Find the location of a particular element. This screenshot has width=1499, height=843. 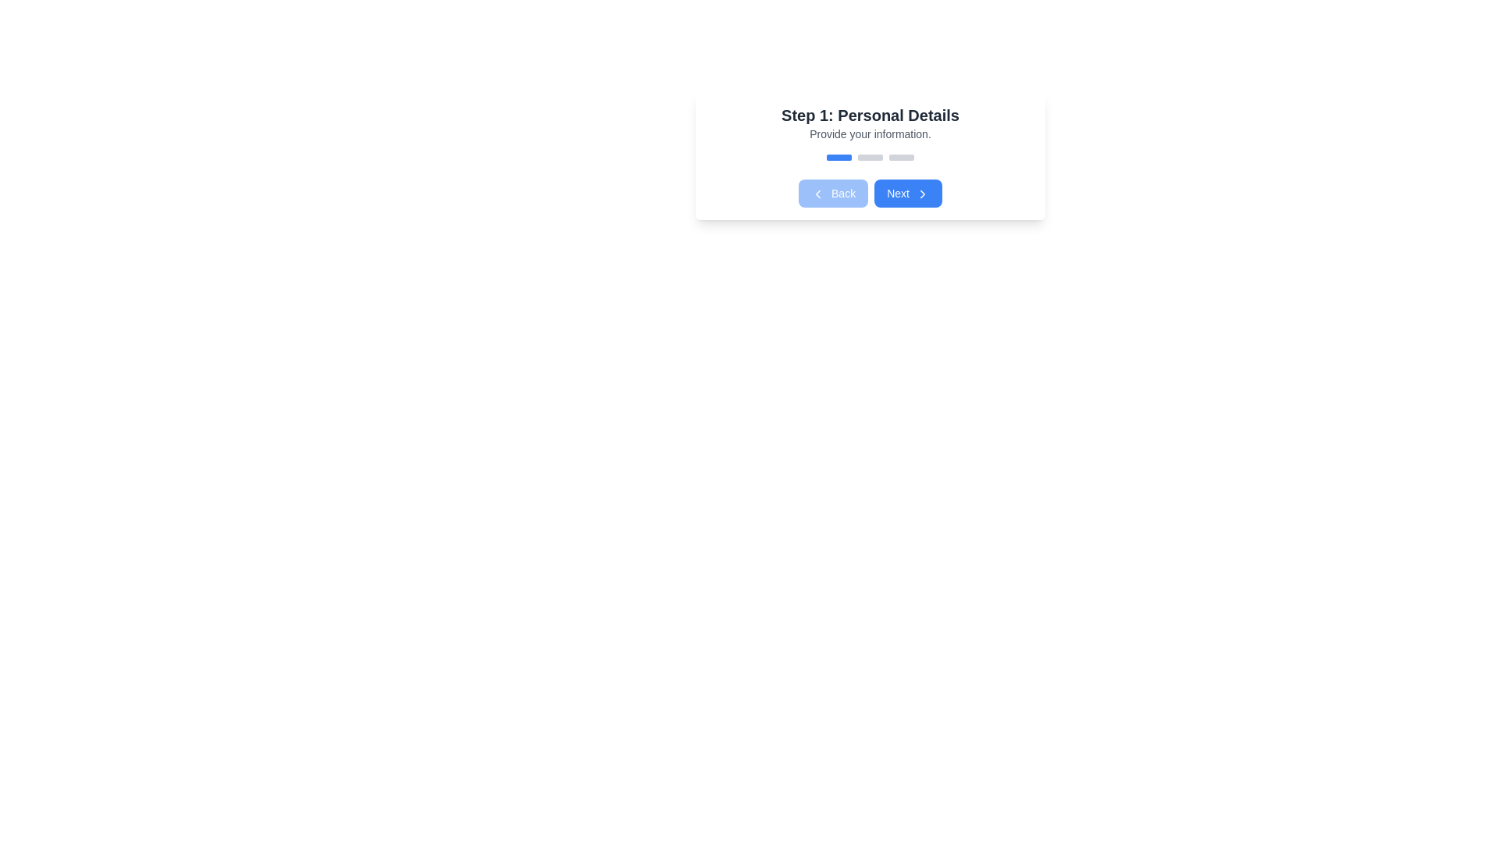

the arrow icon indicating forward navigation, which is located on the right side of the 'Next' button is located at coordinates (922, 194).